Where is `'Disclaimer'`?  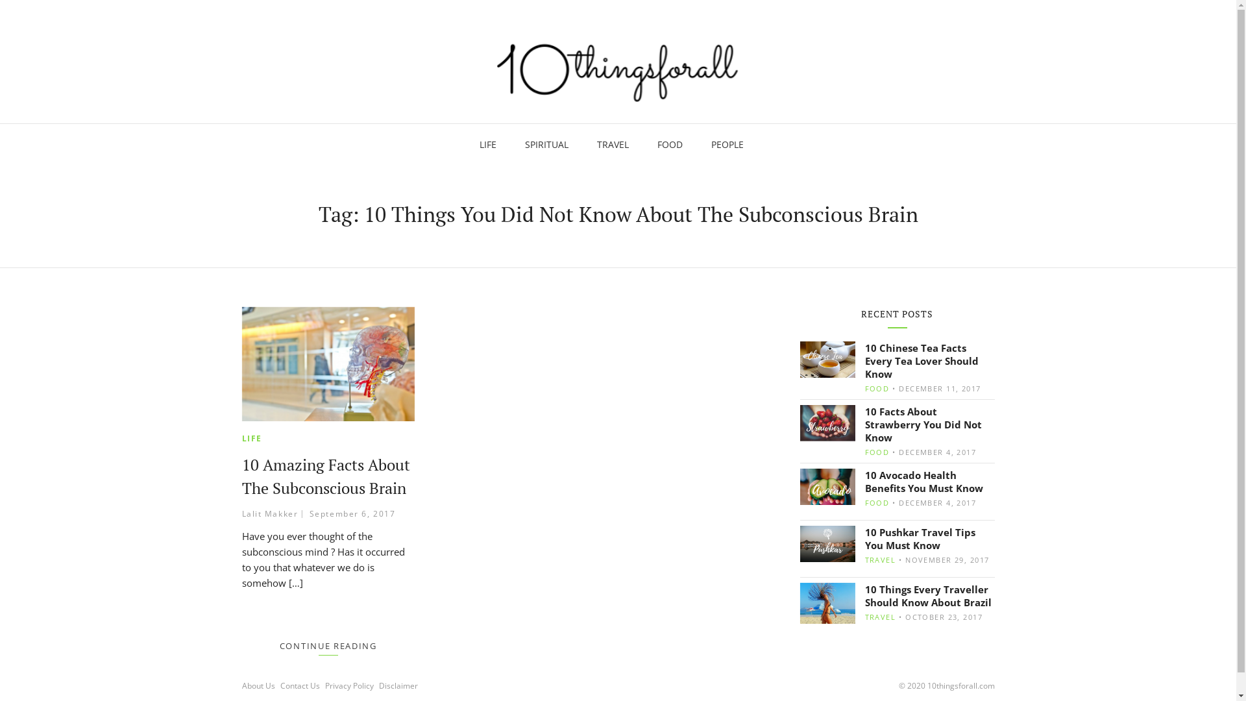
'Disclaimer' is located at coordinates (378, 685).